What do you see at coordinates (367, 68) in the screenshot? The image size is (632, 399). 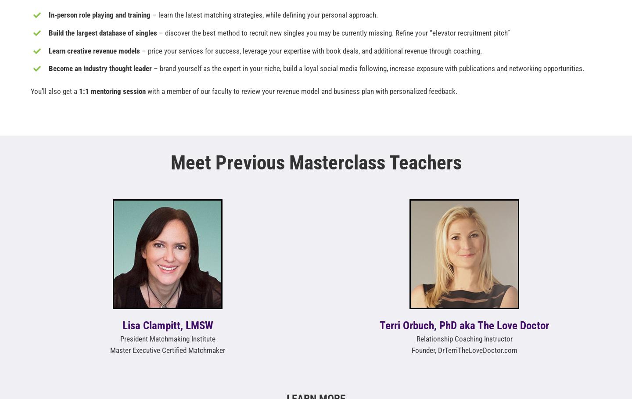 I see `'– brand yourself as the expert in your niche, build a loyal social media following, increase exposure with publications and networking opportunities.'` at bounding box center [367, 68].